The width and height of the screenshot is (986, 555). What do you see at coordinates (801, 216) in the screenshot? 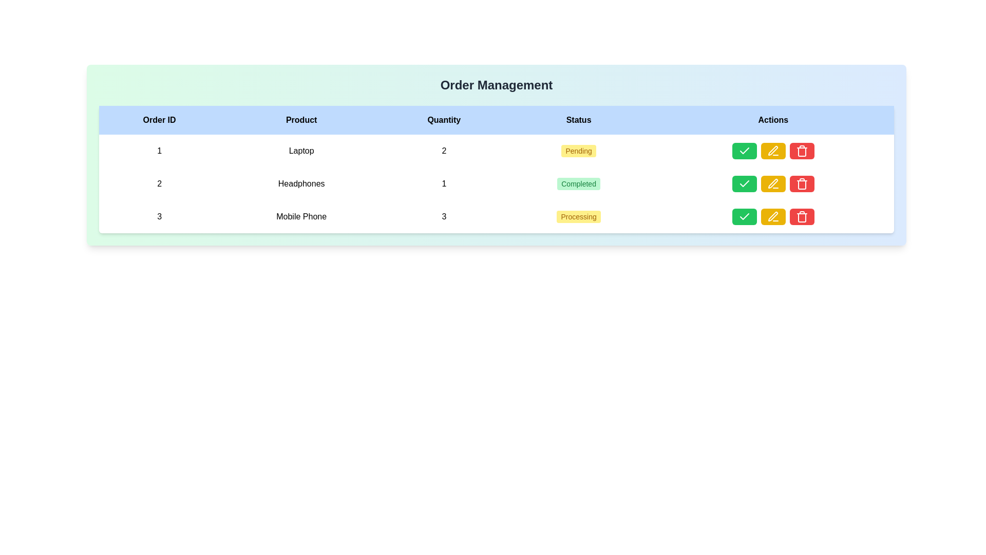
I see `the delete button located in the third column of the 'Actions' section in the third row of the table` at bounding box center [801, 216].